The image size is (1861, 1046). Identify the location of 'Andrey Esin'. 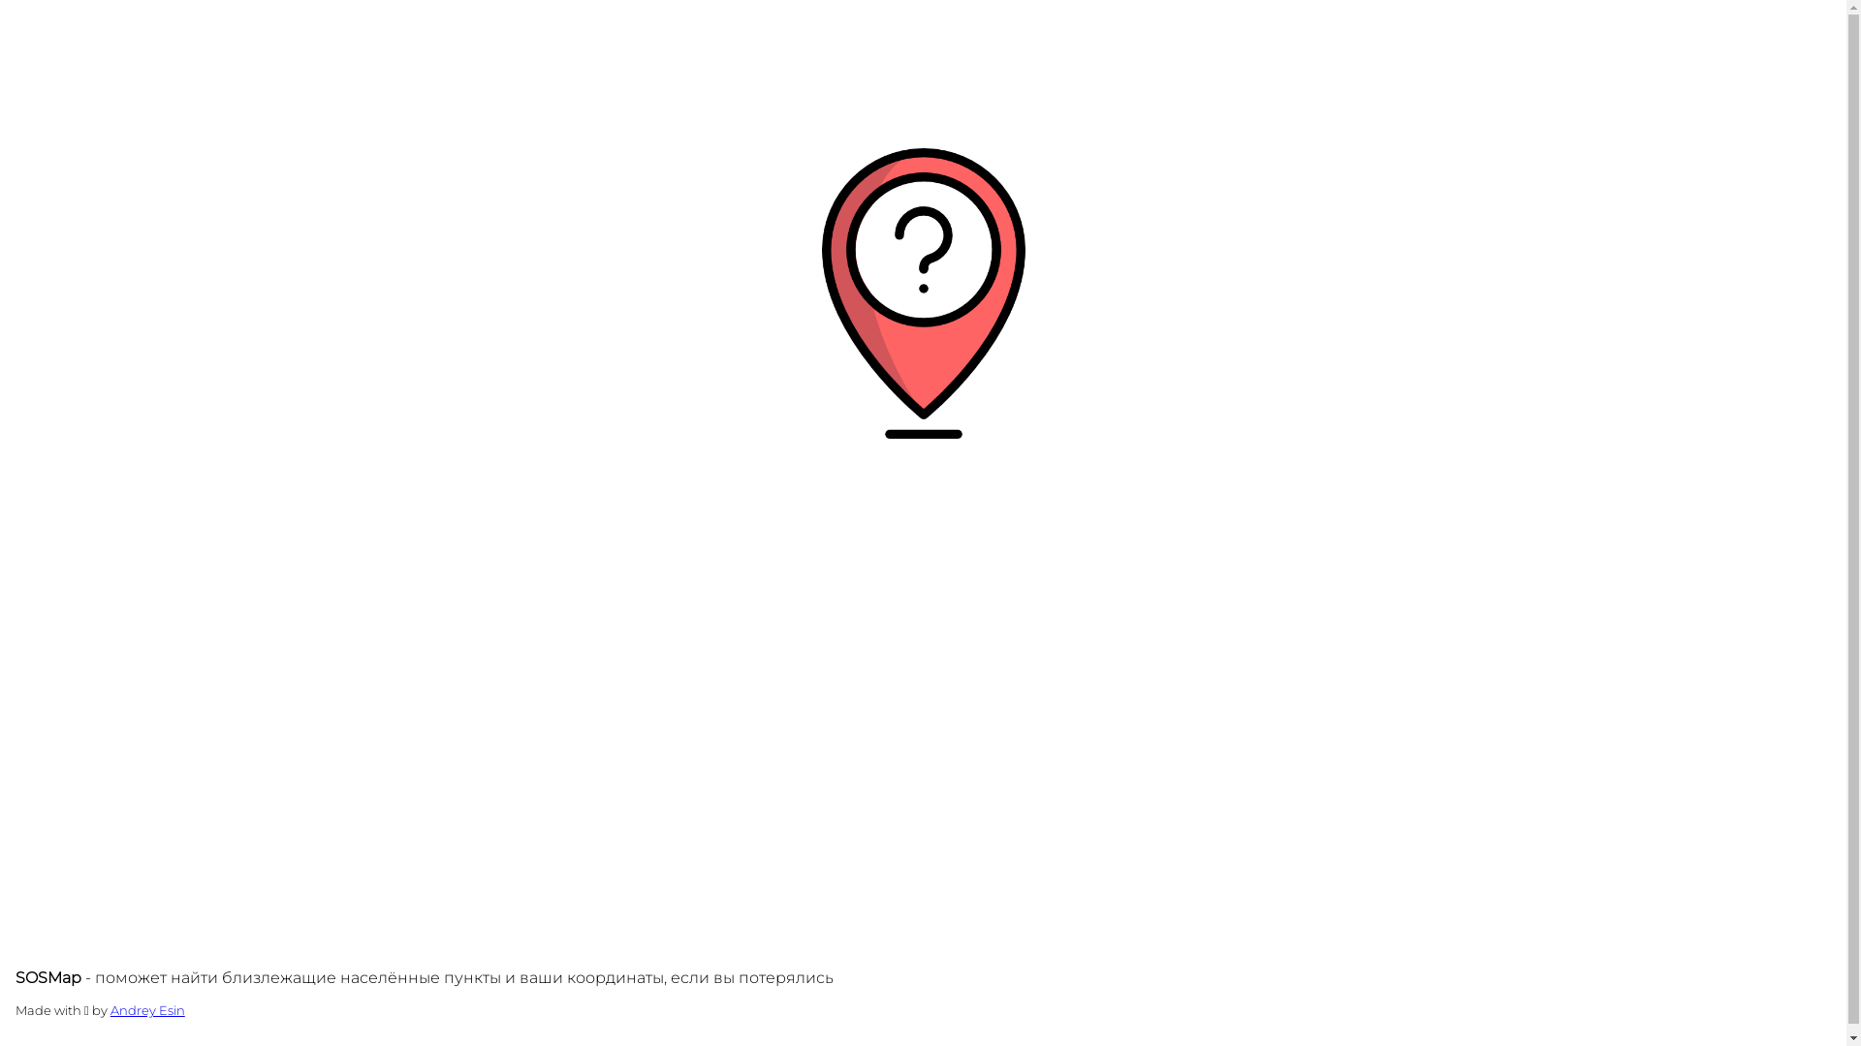
(146, 1008).